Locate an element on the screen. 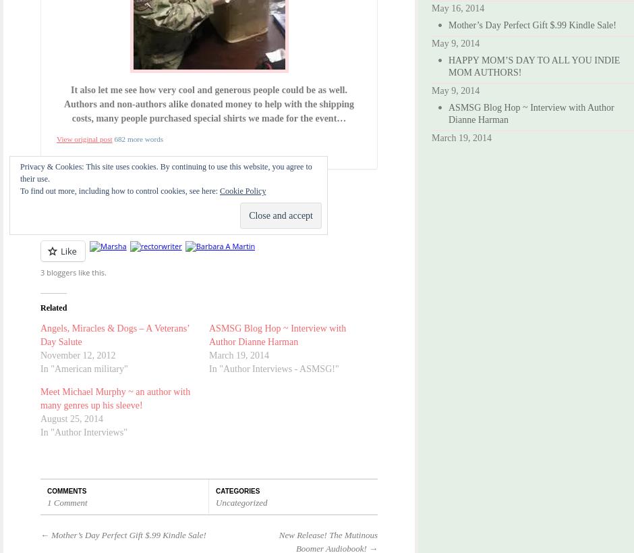 The image size is (634, 553). 'May 16, 2014' is located at coordinates (457, 7).